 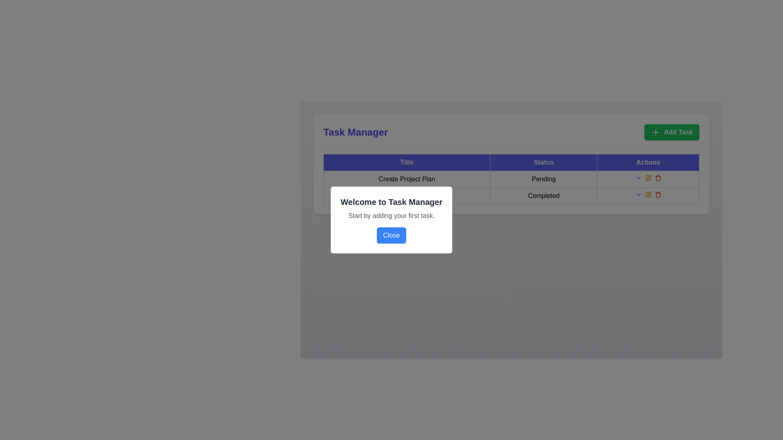 What do you see at coordinates (407, 162) in the screenshot?
I see `the TableHeaderCell labeled 'Title', which is the first column header in the Task Manager table` at bounding box center [407, 162].